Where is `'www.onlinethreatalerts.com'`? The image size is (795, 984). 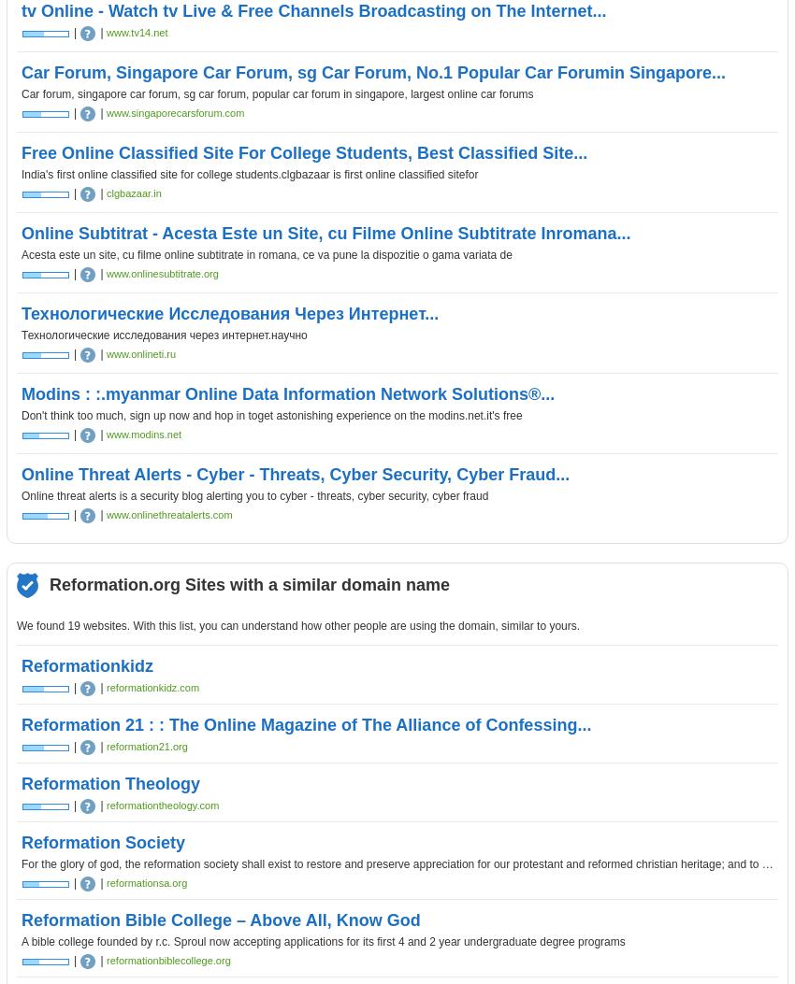
'www.onlinethreatalerts.com' is located at coordinates (167, 514).